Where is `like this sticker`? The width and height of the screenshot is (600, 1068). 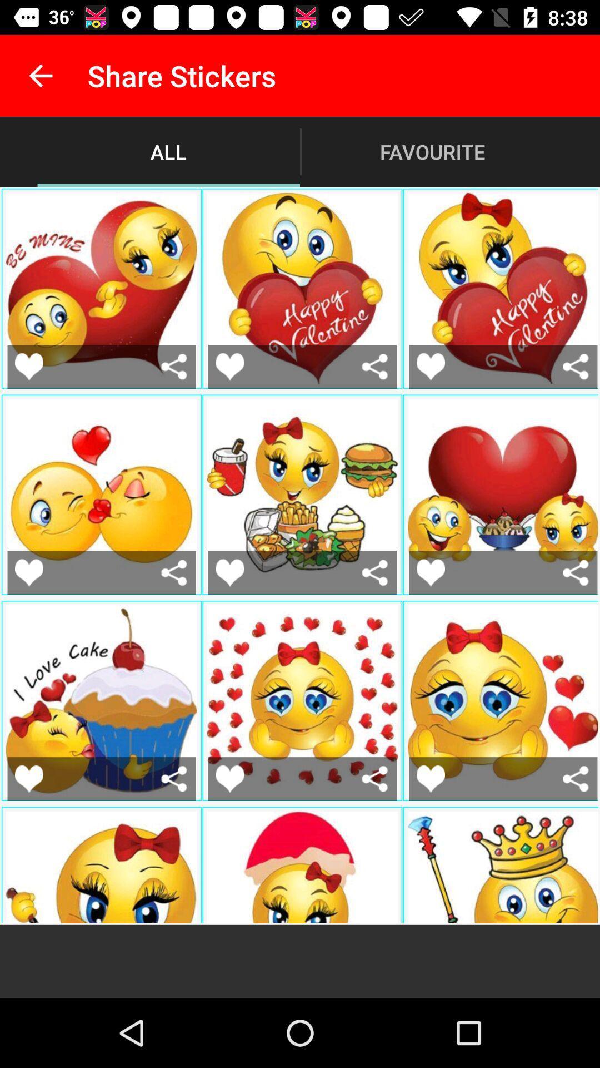 like this sticker is located at coordinates (430, 778).